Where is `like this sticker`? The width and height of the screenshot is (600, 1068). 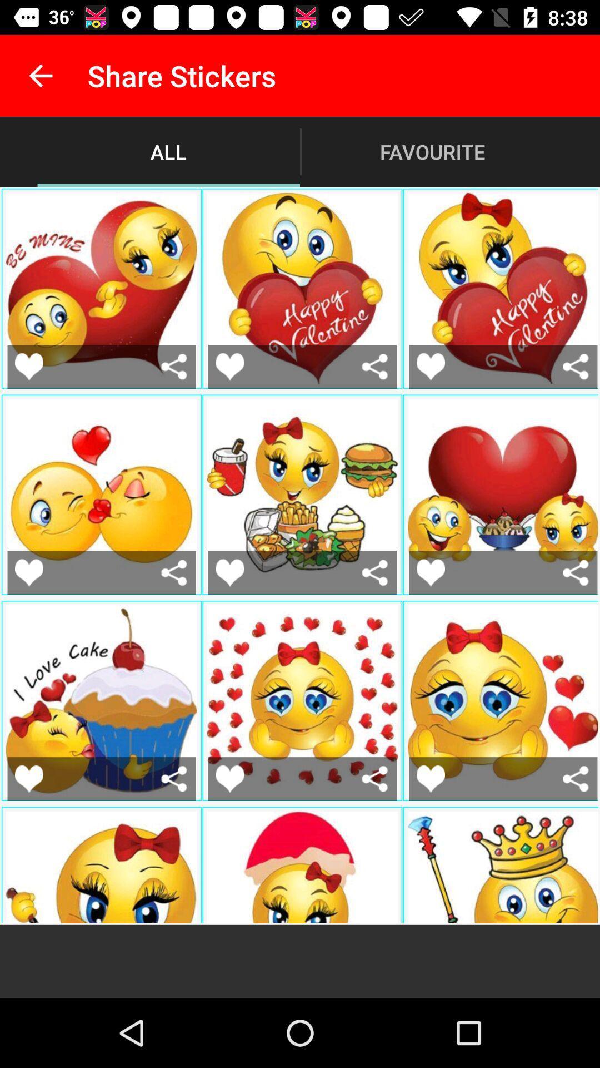 like this sticker is located at coordinates (430, 778).